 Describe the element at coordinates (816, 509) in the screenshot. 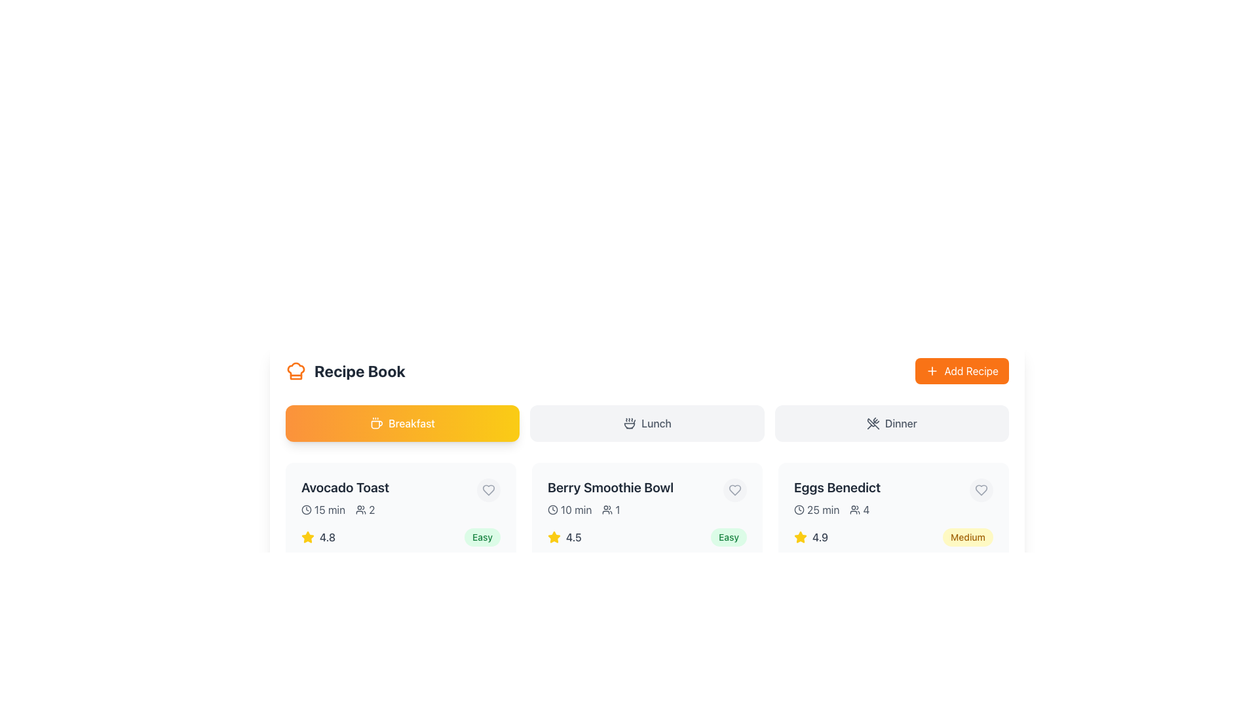

I see `the label with an icon and text that indicates the estimated preparation time for the recipe in the details section of the third recipe card, positioned to the left of the user count indicator '4'` at that location.